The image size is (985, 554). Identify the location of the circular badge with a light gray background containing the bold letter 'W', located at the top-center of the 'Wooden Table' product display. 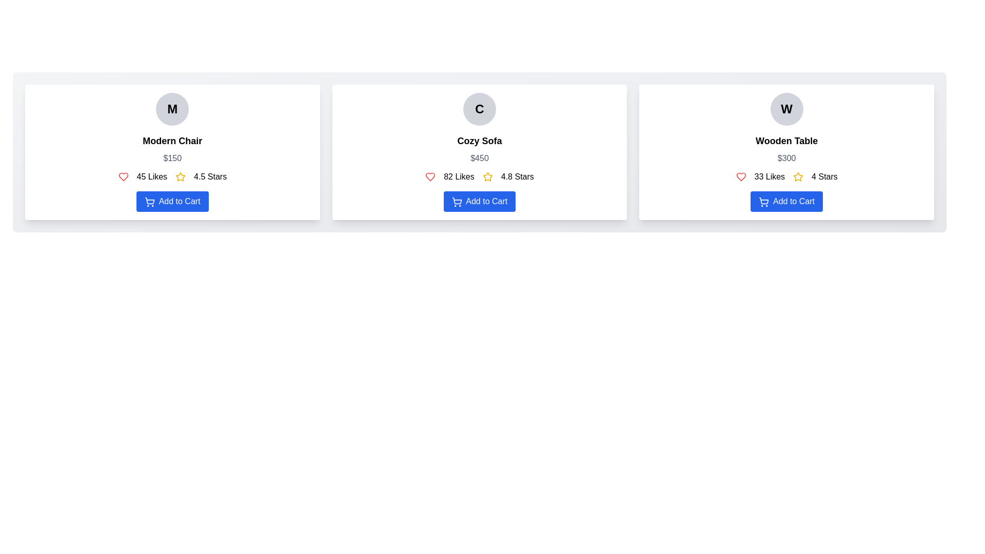
(786, 109).